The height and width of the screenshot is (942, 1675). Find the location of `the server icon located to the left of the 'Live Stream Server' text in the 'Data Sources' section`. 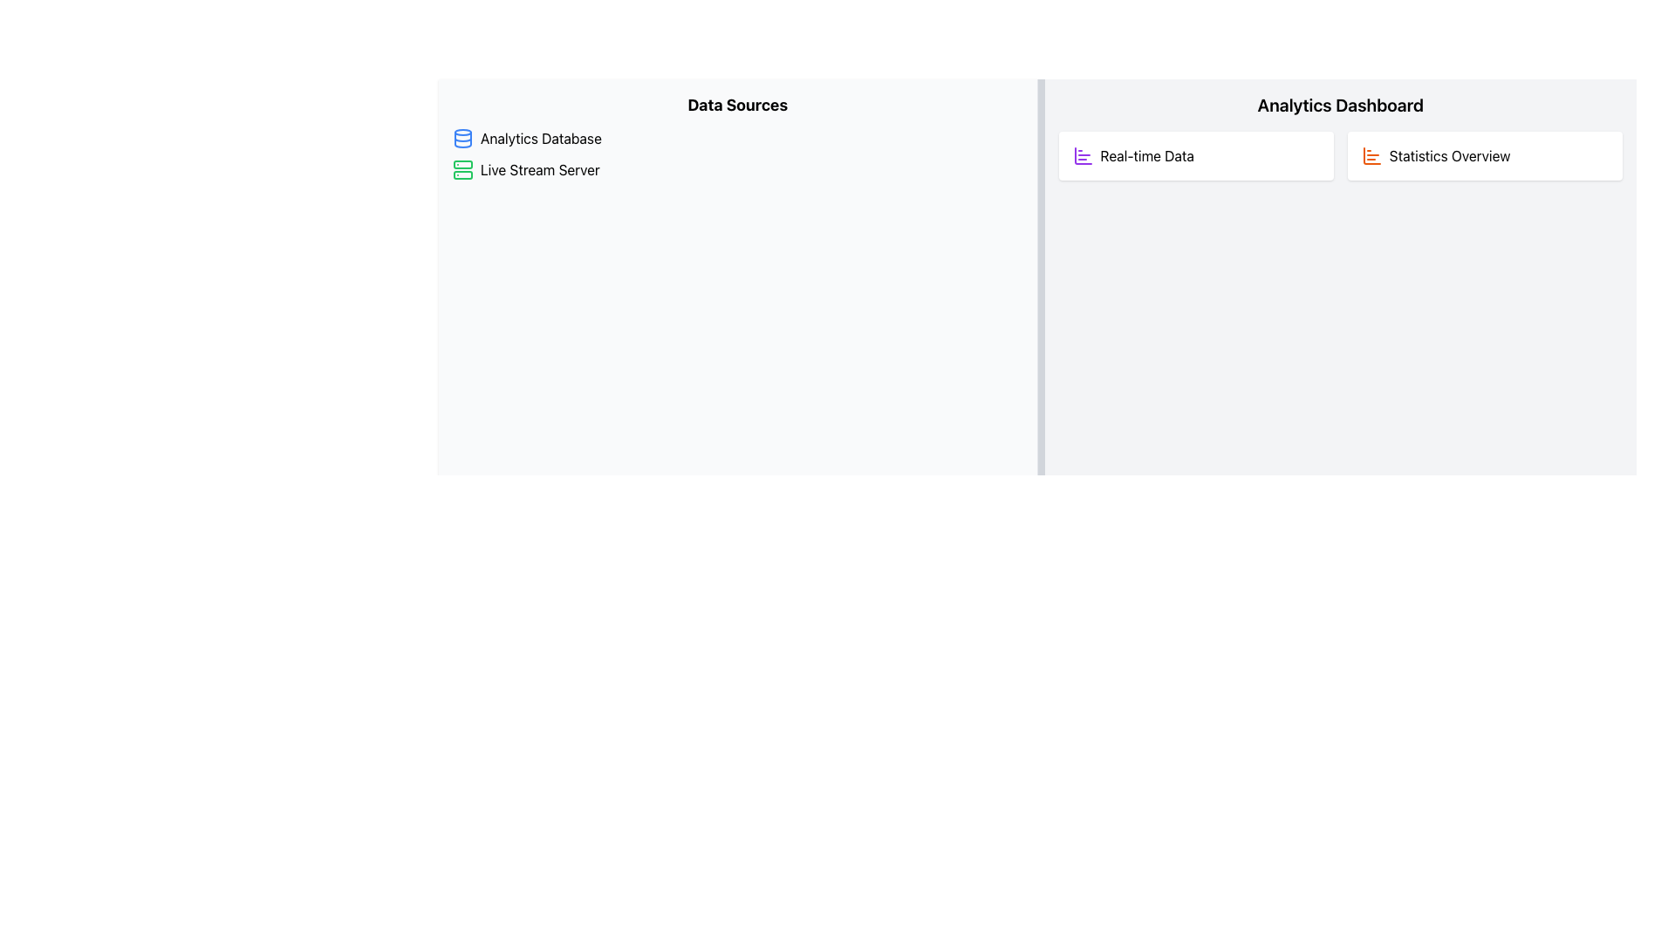

the server icon located to the left of the 'Live Stream Server' text in the 'Data Sources' section is located at coordinates (463, 170).